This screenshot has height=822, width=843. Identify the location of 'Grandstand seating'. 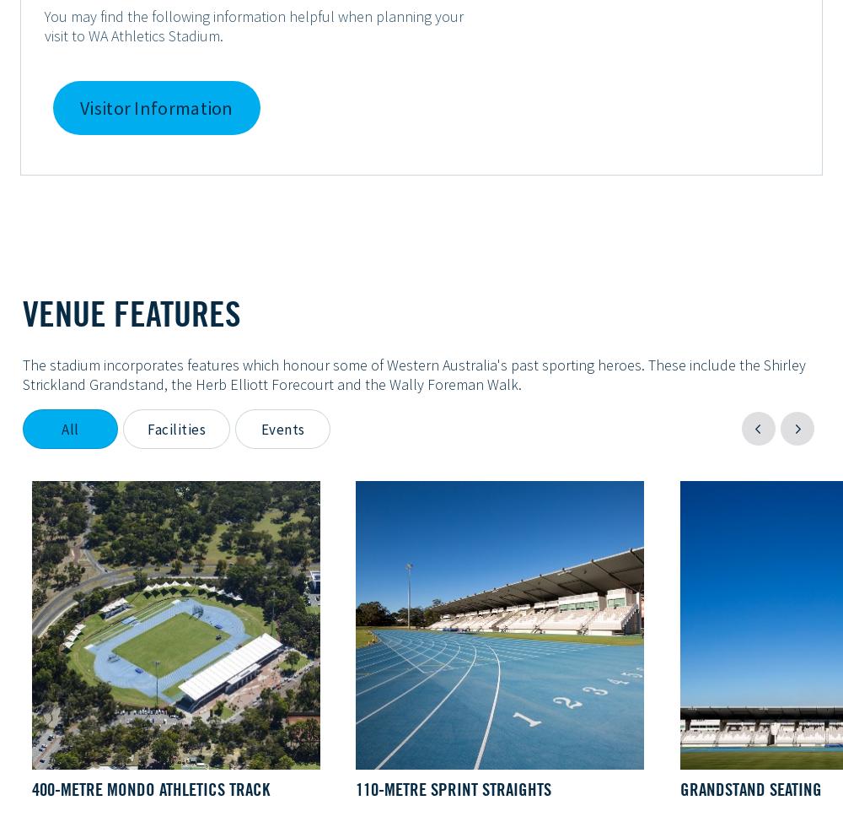
(750, 788).